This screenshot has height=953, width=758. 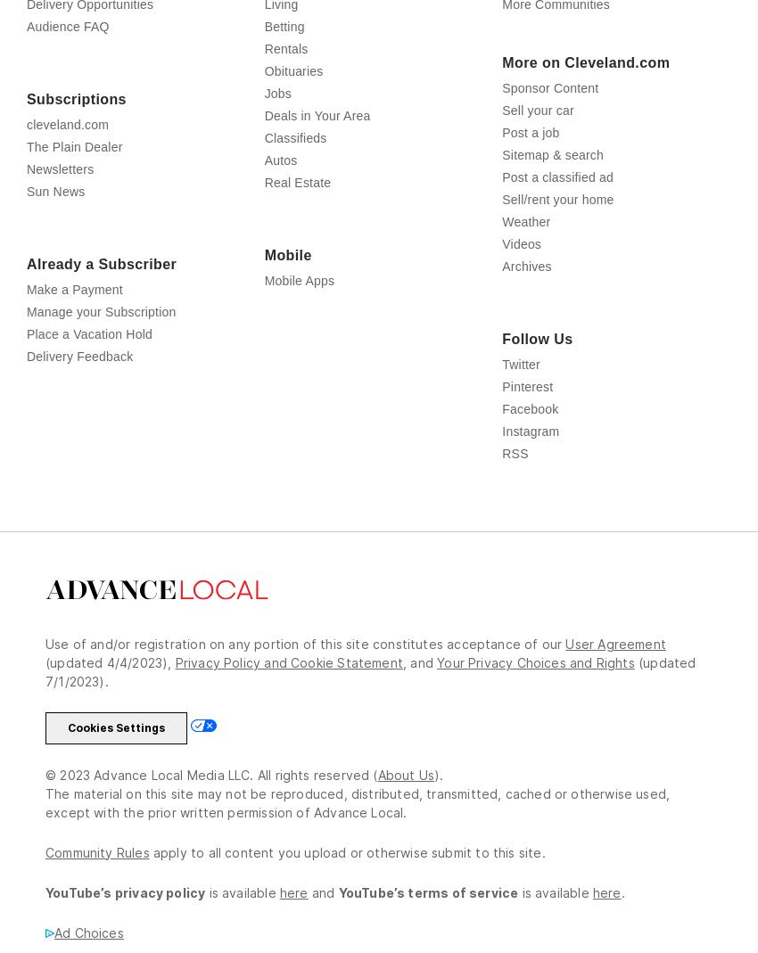 I want to click on 'Opinion', so click(x=285, y=21).